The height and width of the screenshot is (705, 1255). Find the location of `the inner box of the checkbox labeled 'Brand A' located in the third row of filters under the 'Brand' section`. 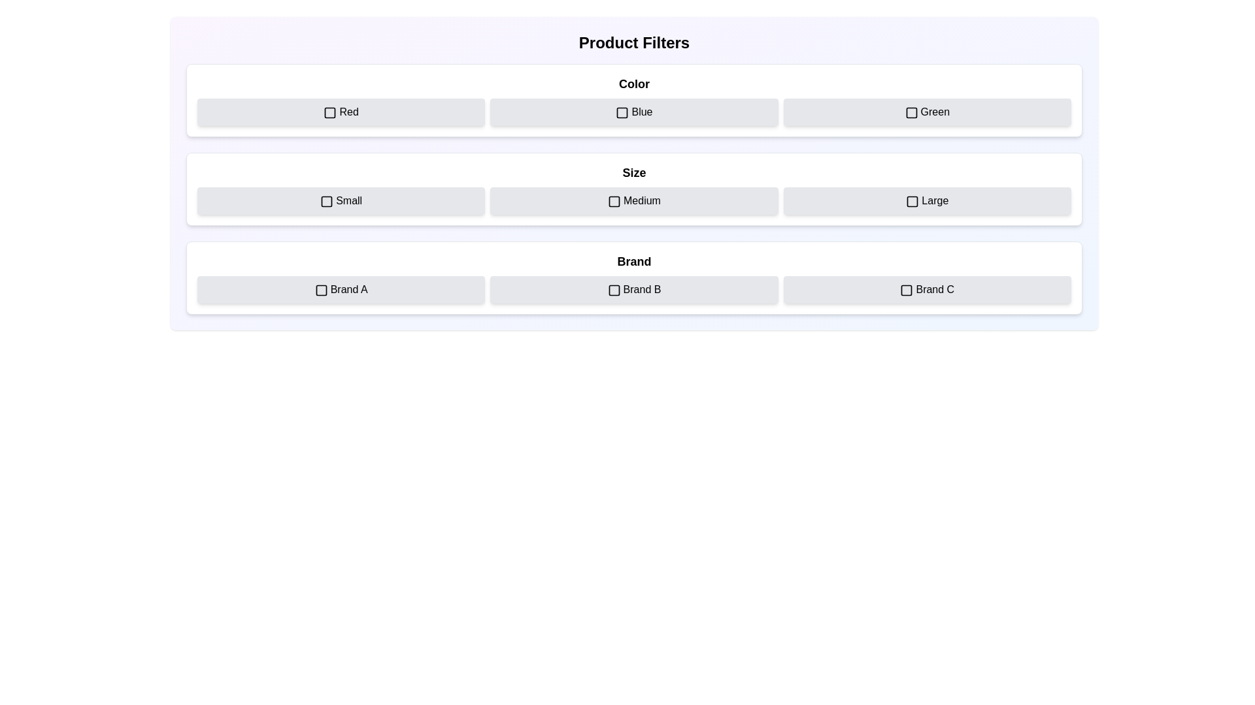

the inner box of the checkbox labeled 'Brand A' located in the third row of filters under the 'Brand' section is located at coordinates (321, 289).